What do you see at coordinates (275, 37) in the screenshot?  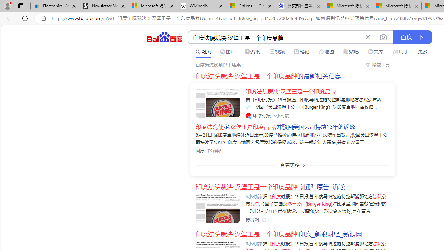 I see `'AutomationID: kw'` at bounding box center [275, 37].